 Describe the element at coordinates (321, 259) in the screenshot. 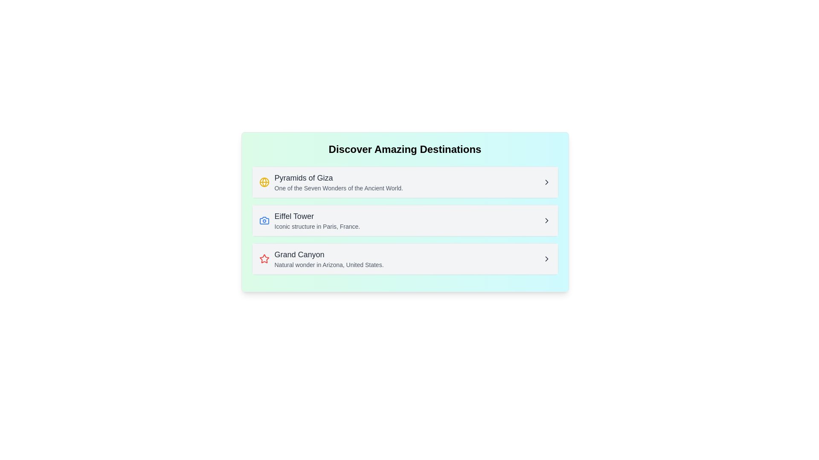

I see `the 'Grand Canyon' list item, which features a red outlined star icon and descriptive text` at that location.